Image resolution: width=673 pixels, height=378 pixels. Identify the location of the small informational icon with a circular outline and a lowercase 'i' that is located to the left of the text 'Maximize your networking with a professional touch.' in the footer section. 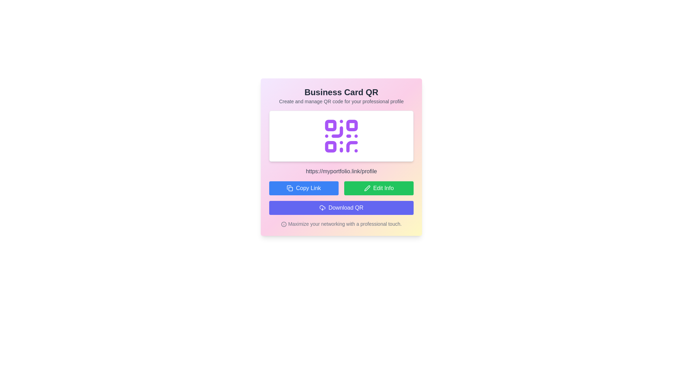
(284, 224).